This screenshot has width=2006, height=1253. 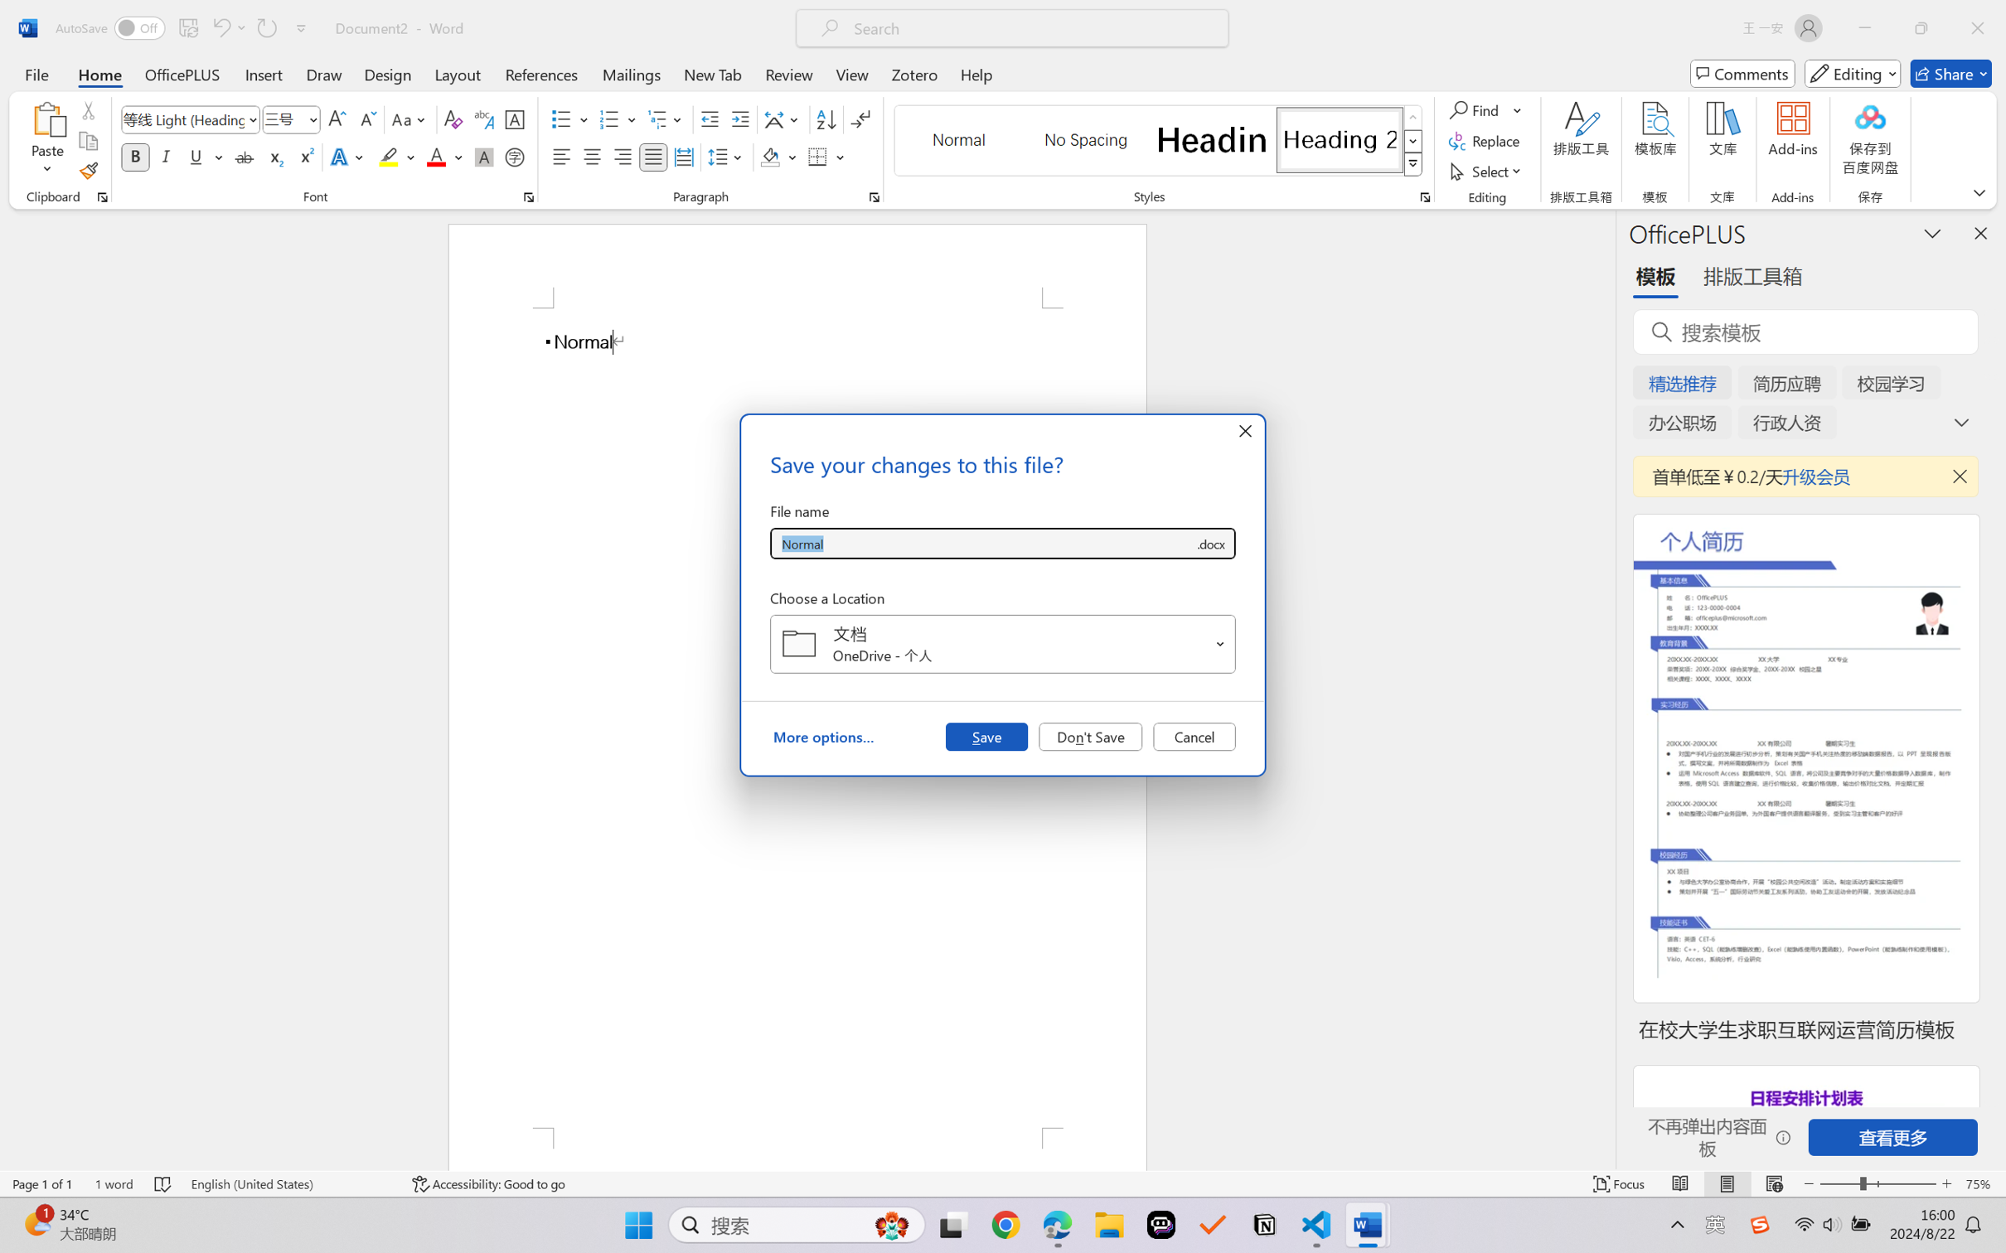 What do you see at coordinates (1485, 109) in the screenshot?
I see `'Find'` at bounding box center [1485, 109].